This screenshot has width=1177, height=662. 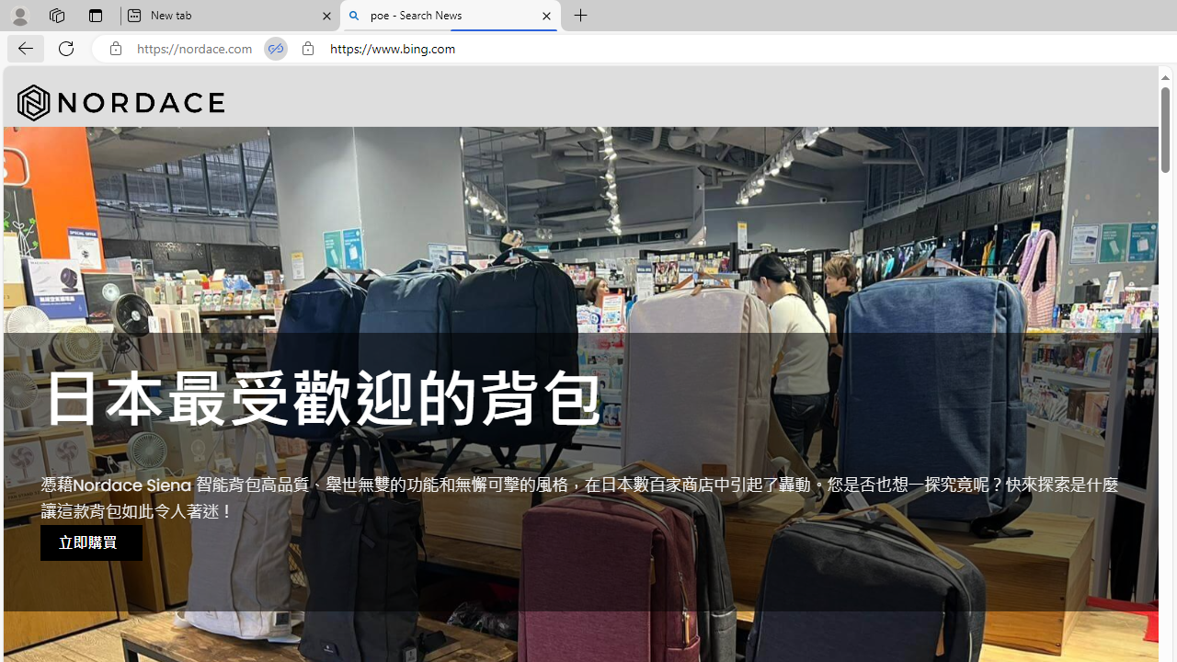 I want to click on 'poe - Search News', so click(x=451, y=16).